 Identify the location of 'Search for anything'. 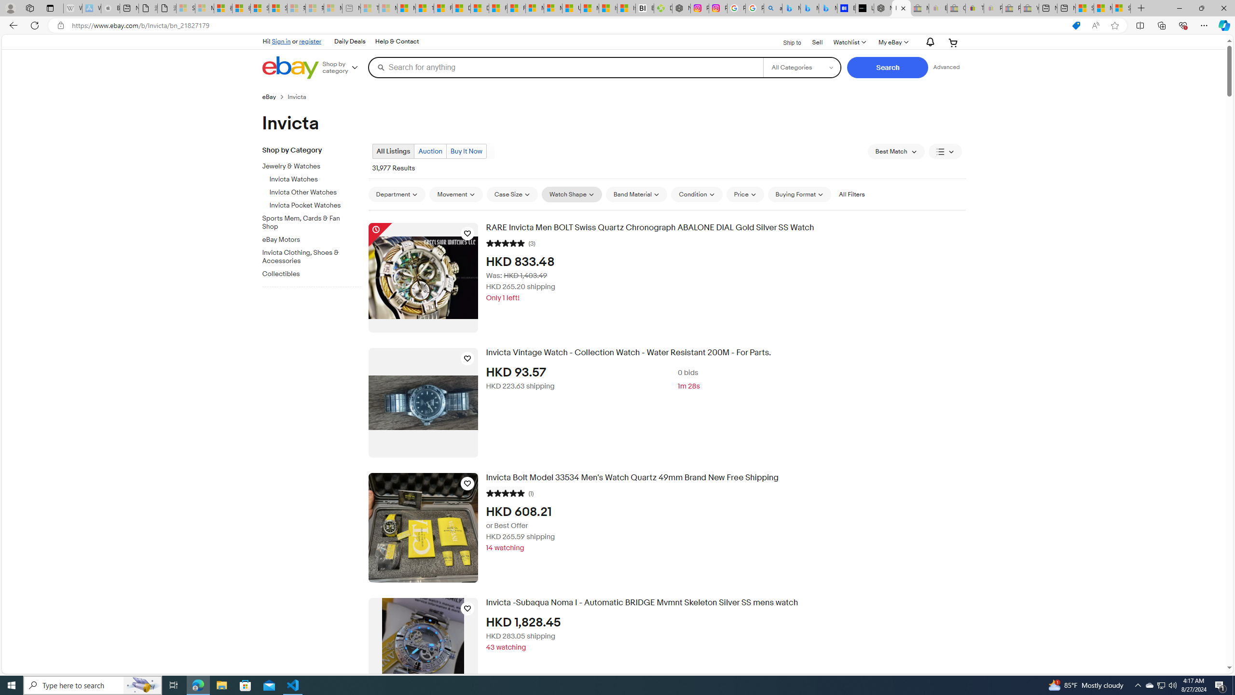
(565, 67).